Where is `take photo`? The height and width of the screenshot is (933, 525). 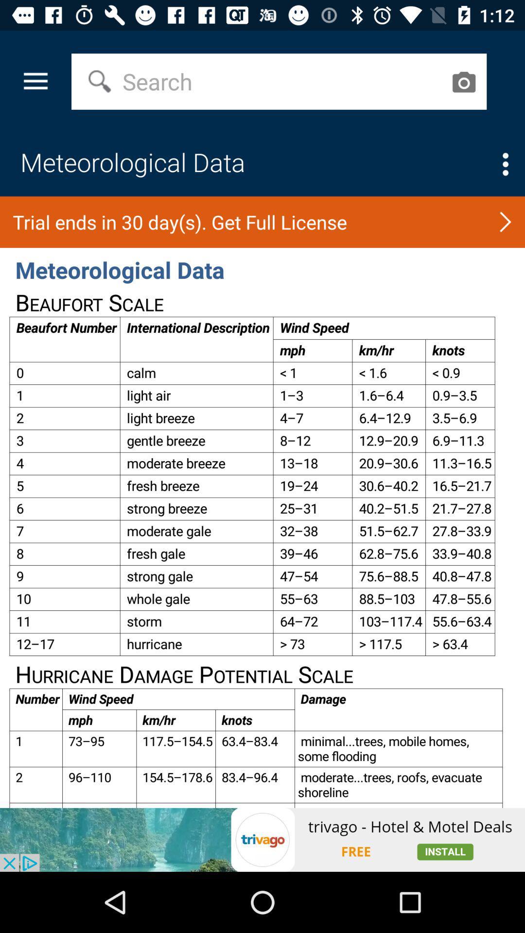
take photo is located at coordinates (463, 82).